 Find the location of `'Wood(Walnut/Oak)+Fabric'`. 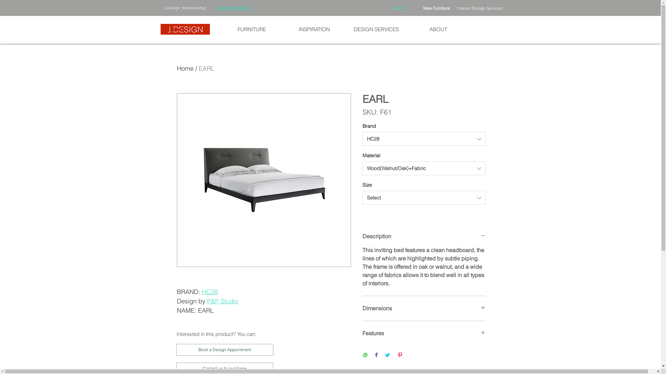

'Wood(Walnut/Oak)+Fabric' is located at coordinates (423, 168).